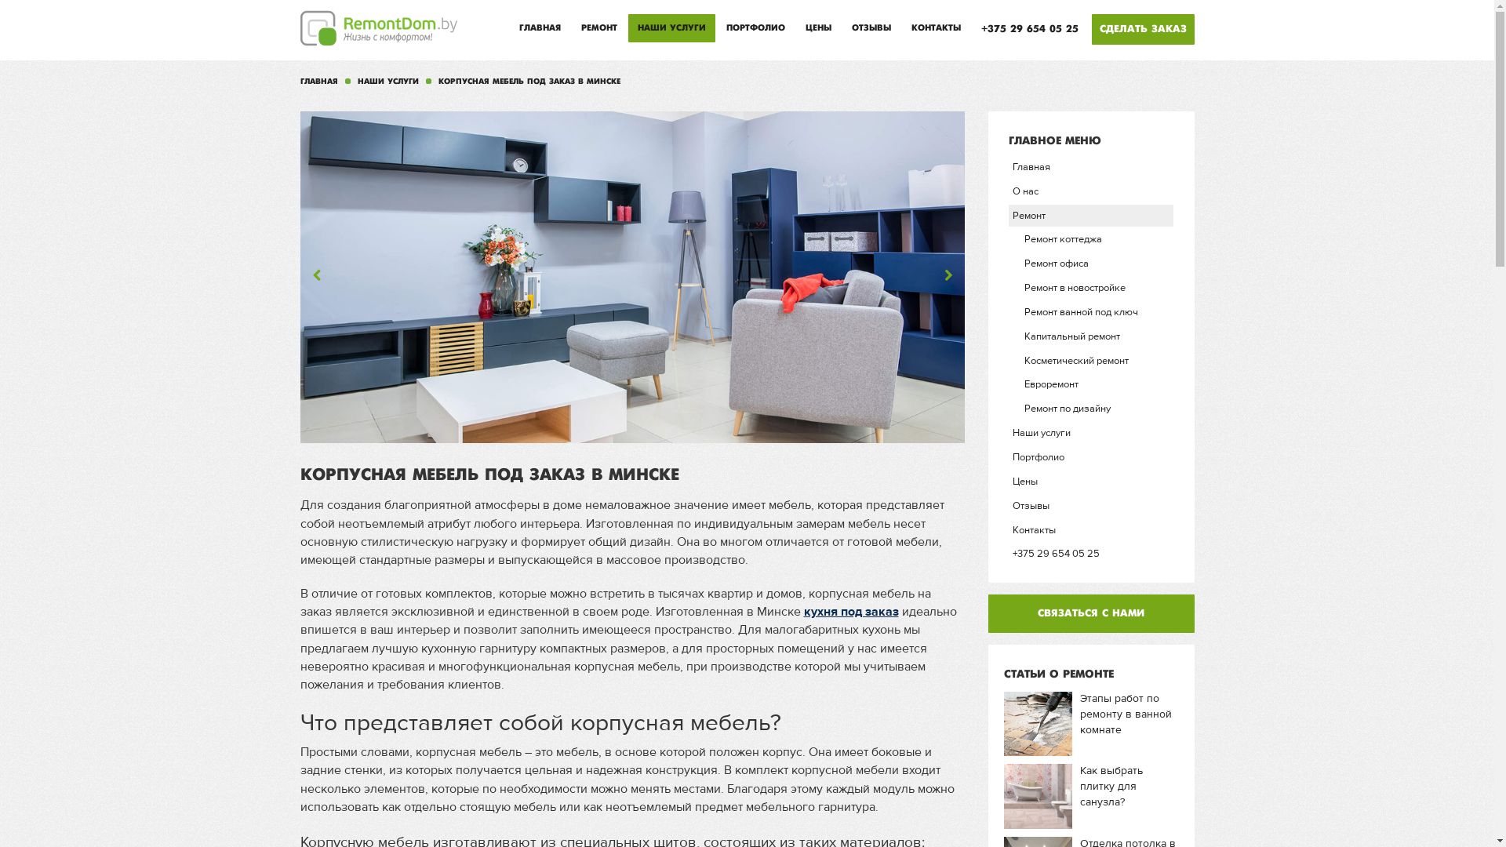  What do you see at coordinates (970, 29) in the screenshot?
I see `'+375 29 654 05 25'` at bounding box center [970, 29].